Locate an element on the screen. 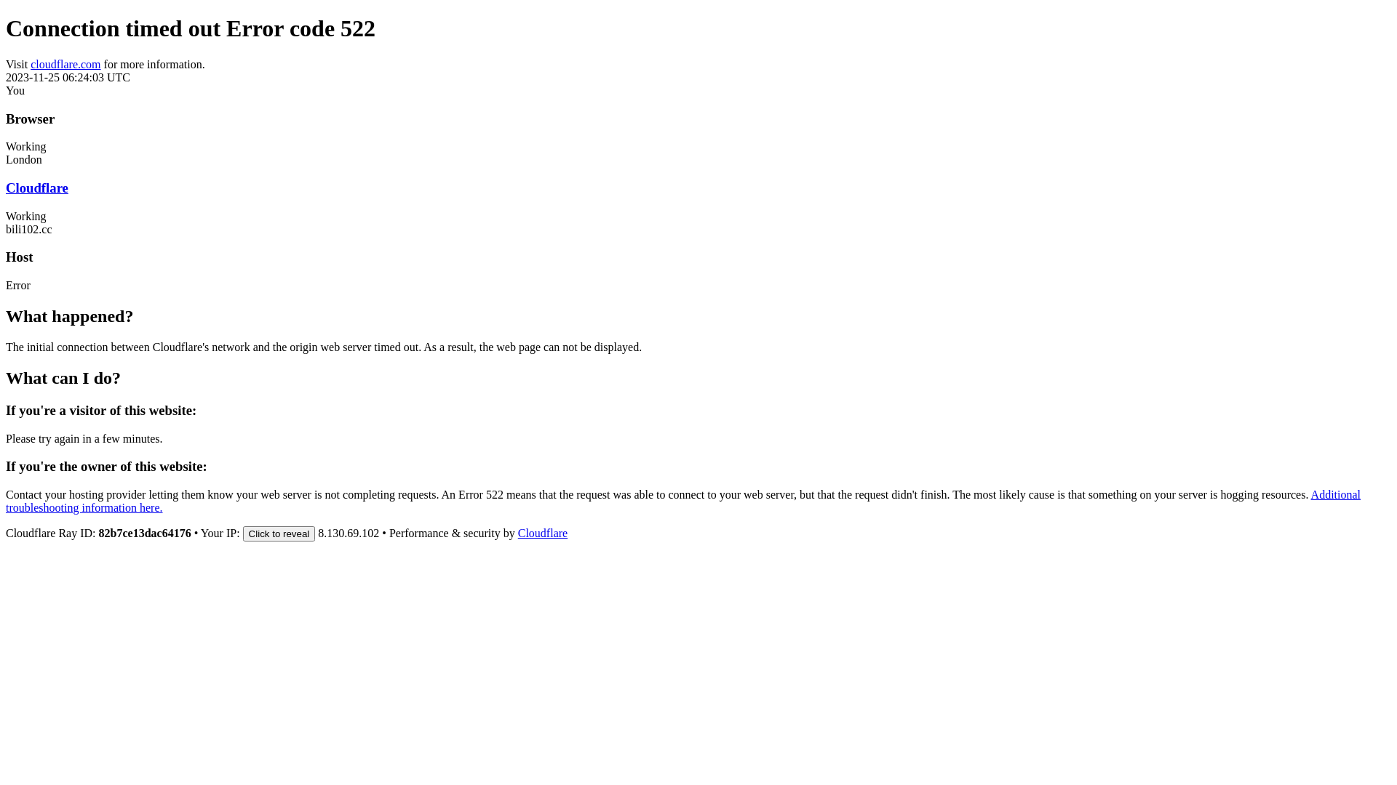 The width and height of the screenshot is (1397, 785). 'Cloudflare' is located at coordinates (517, 533).